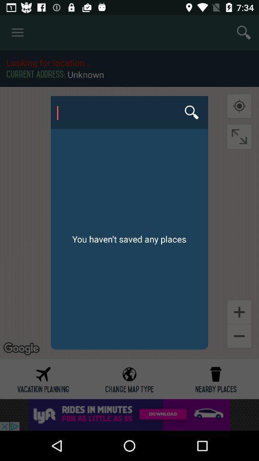  I want to click on the san, so click(129, 112).